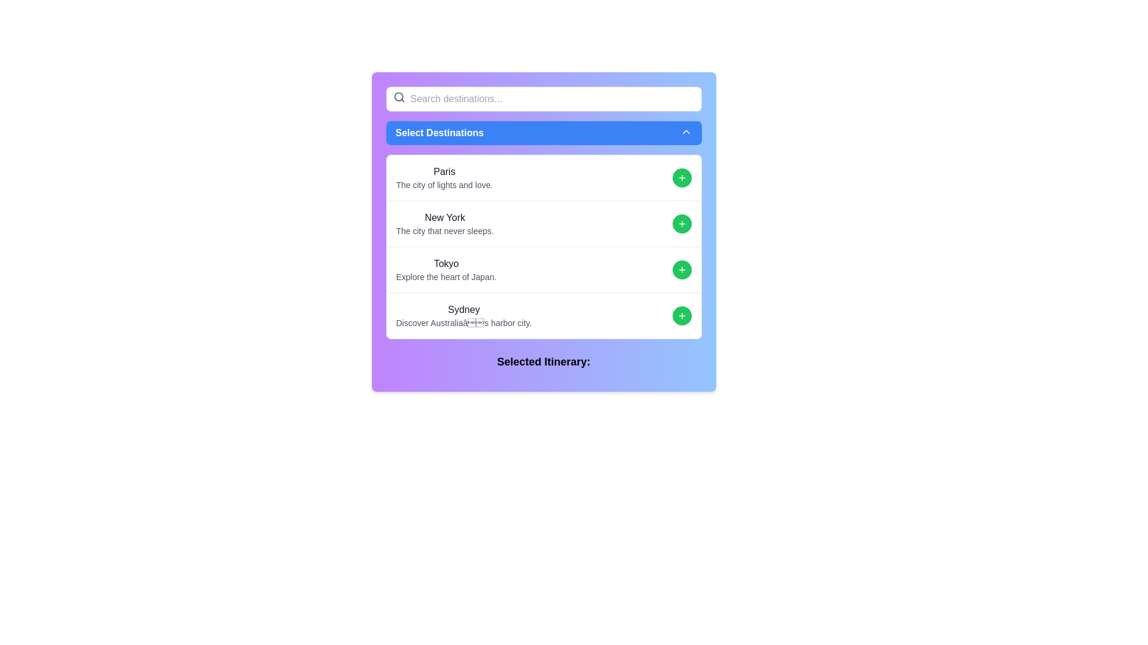  I want to click on the Text Block that displays 'Sydney' and the description 'Discover Australia’s harbor city', located in the fourth item of the vertically stacked list of destinations, so click(463, 315).